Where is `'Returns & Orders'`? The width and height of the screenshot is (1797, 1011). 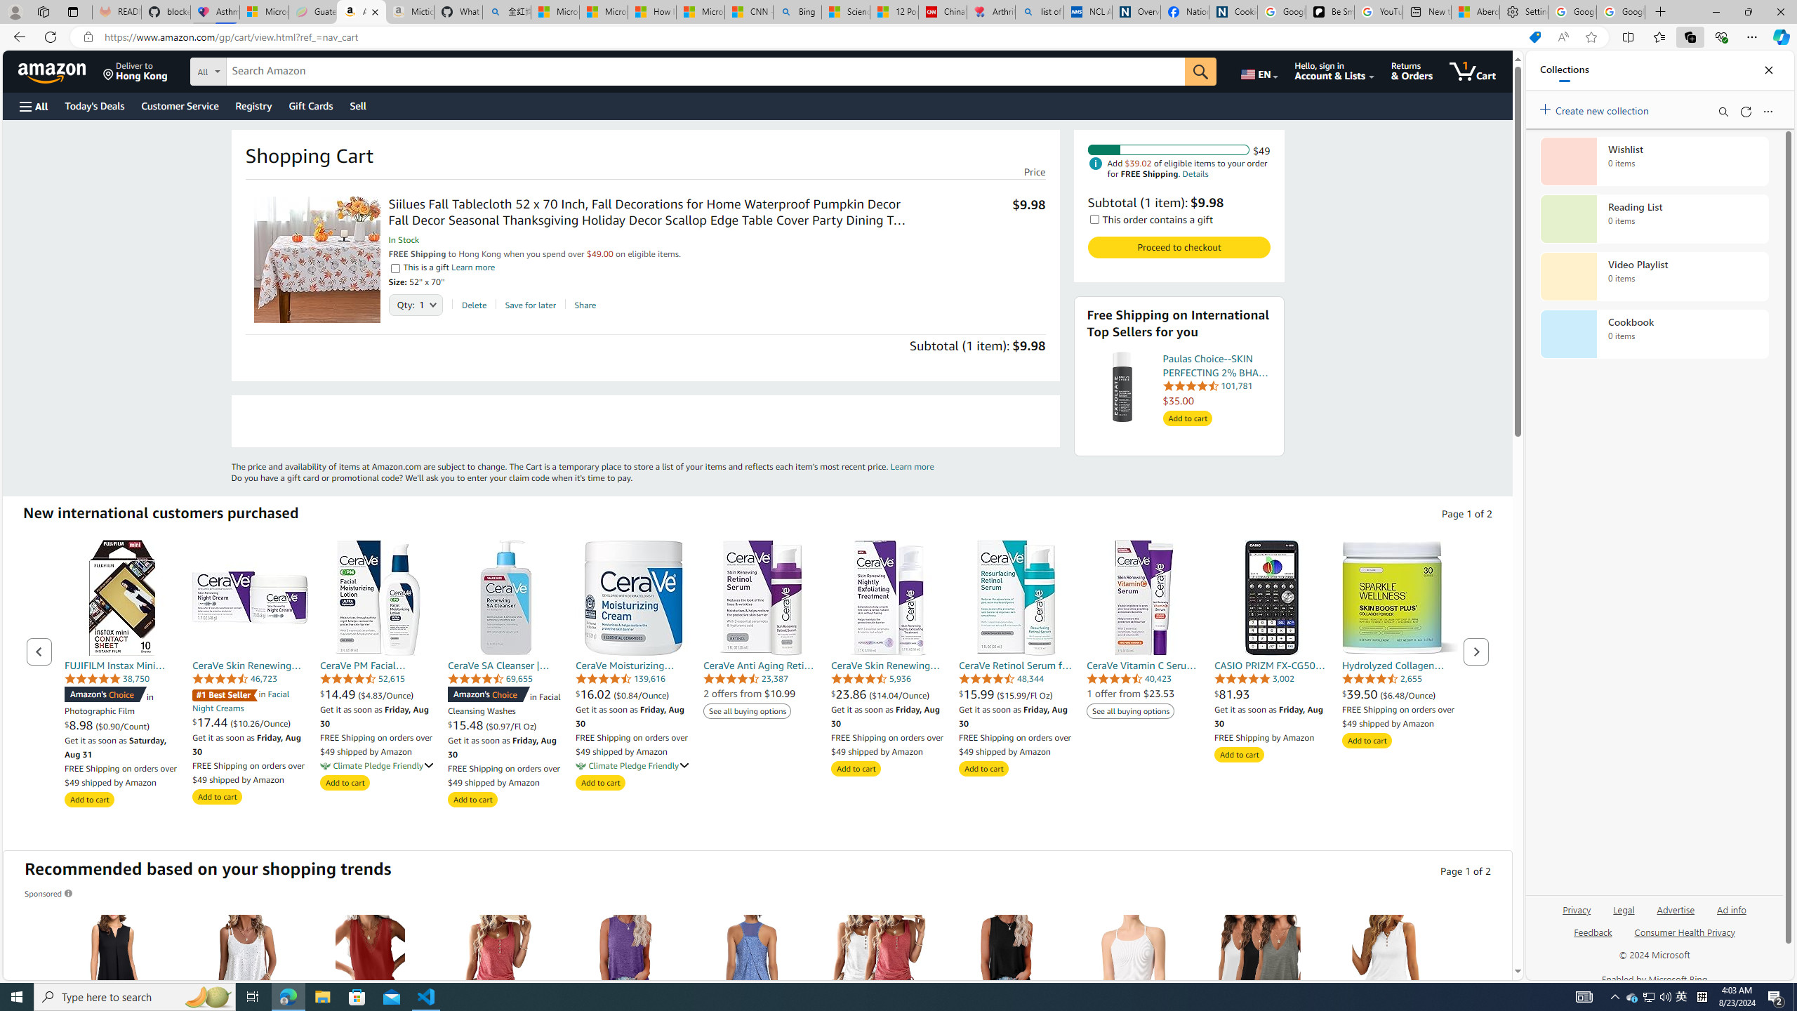
'Returns & Orders' is located at coordinates (1412, 70).